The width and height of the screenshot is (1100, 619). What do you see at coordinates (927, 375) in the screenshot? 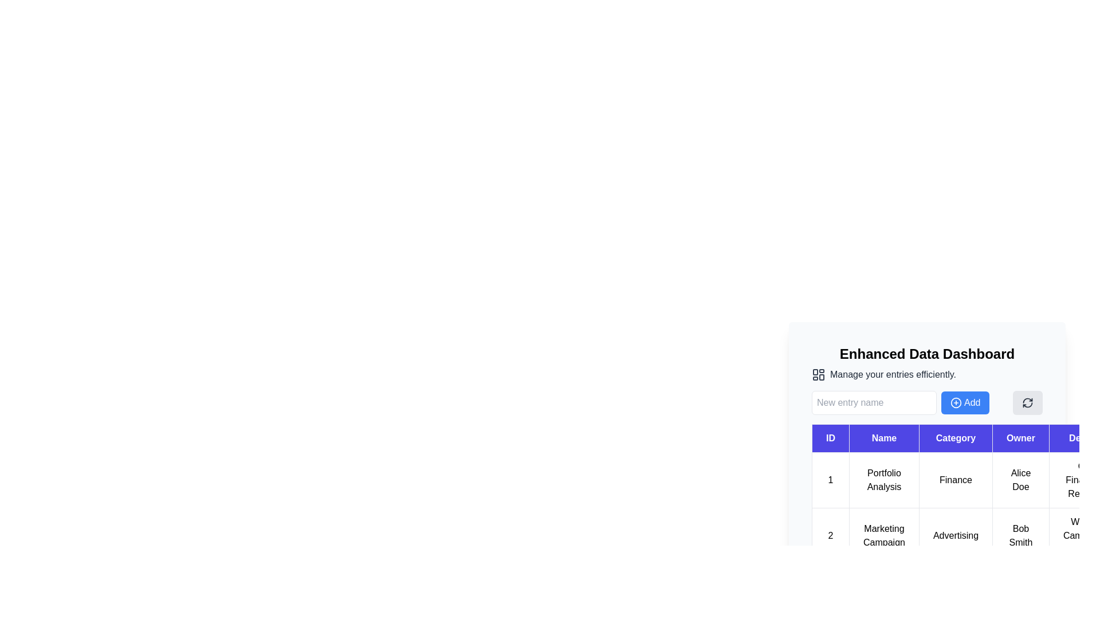
I see `text content of the informative label located beneath the title 'Enhanced Data Dashboard', which provides a secondary description of the dashboard's purpose and functionality` at bounding box center [927, 375].